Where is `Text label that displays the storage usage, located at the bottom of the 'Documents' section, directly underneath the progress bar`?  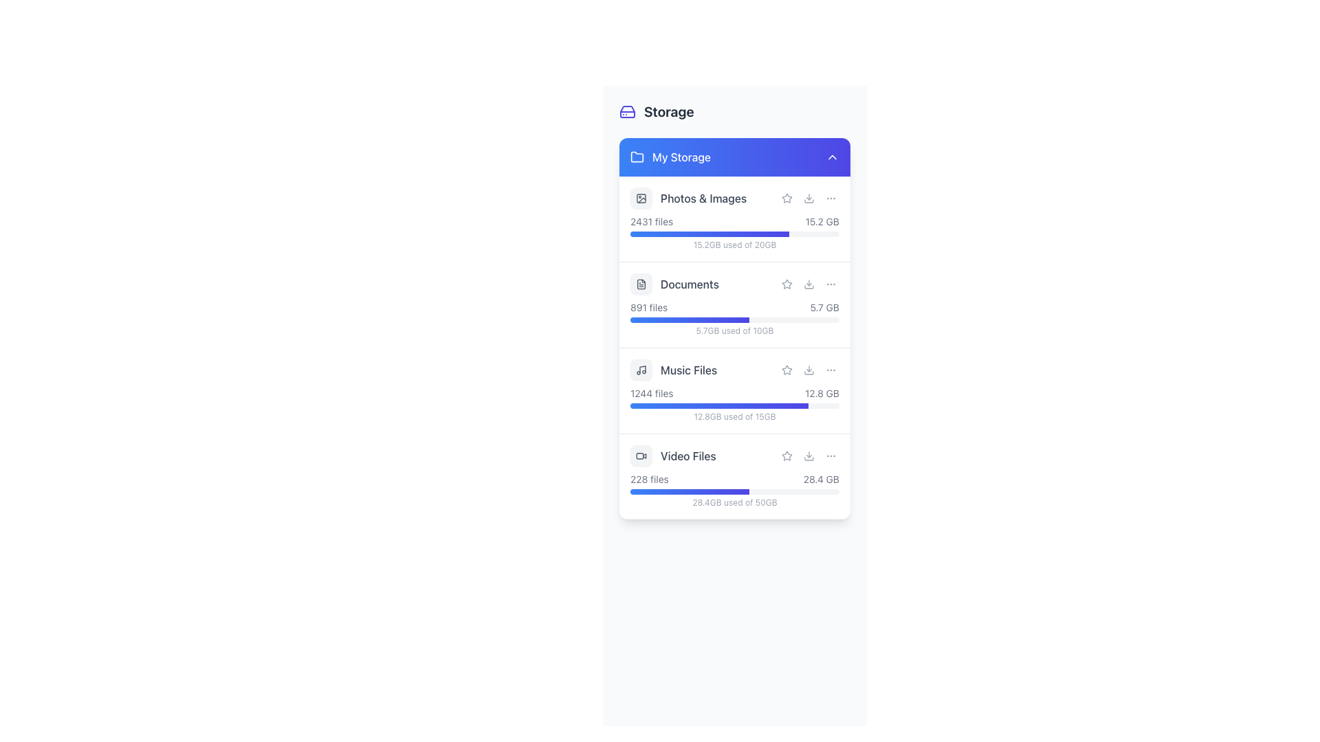 Text label that displays the storage usage, located at the bottom of the 'Documents' section, directly underneath the progress bar is located at coordinates (734, 331).